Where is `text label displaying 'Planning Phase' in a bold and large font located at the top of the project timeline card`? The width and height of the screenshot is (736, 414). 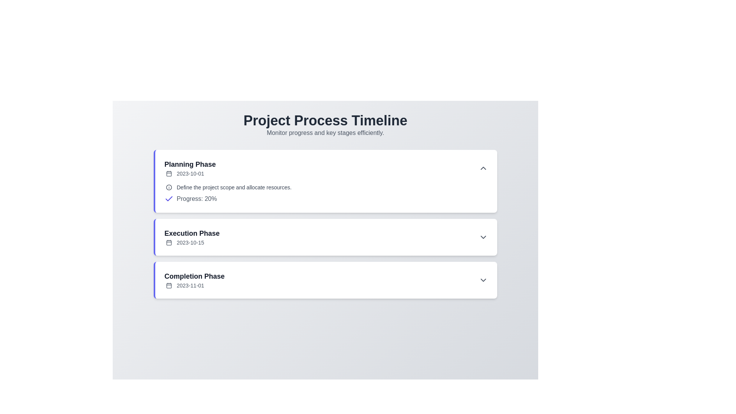 text label displaying 'Planning Phase' in a bold and large font located at the top of the project timeline card is located at coordinates (190, 164).